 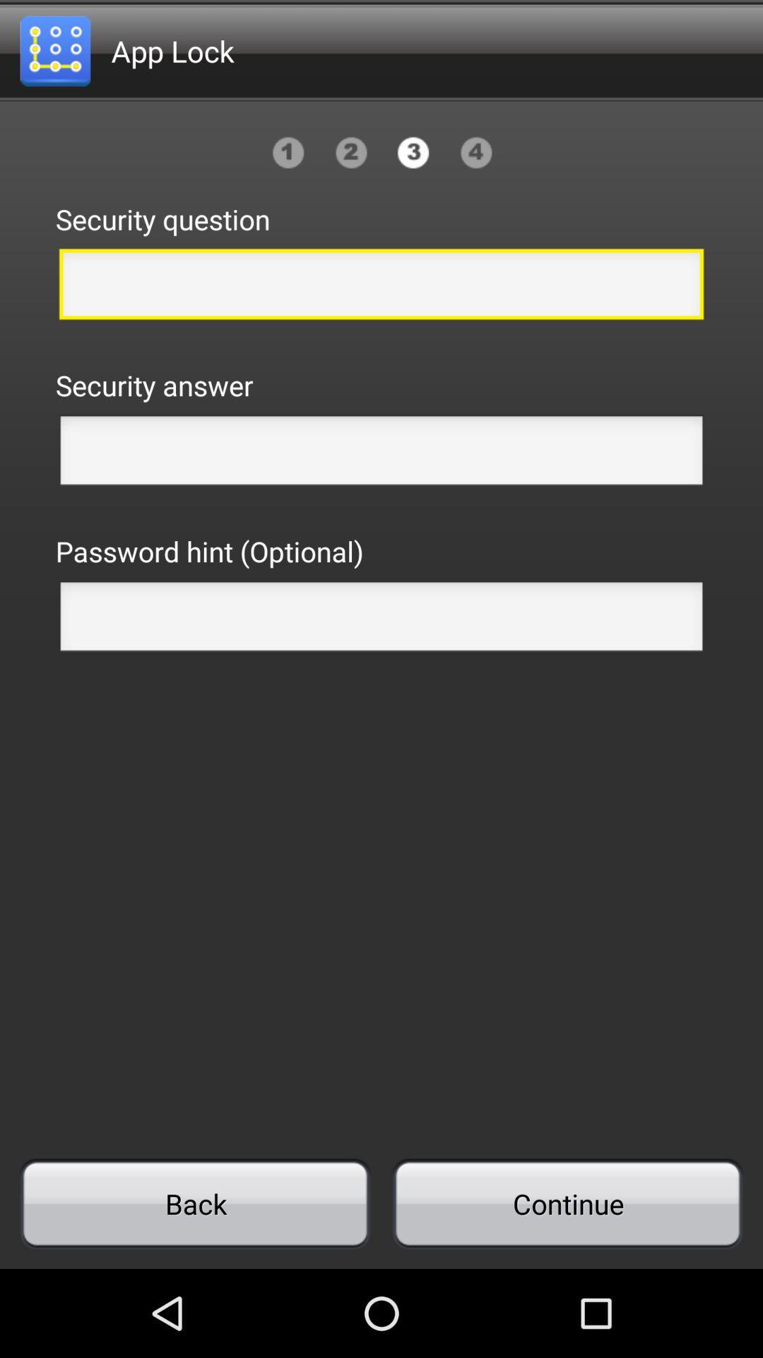 I want to click on icon next to the continue button, so click(x=195, y=1203).